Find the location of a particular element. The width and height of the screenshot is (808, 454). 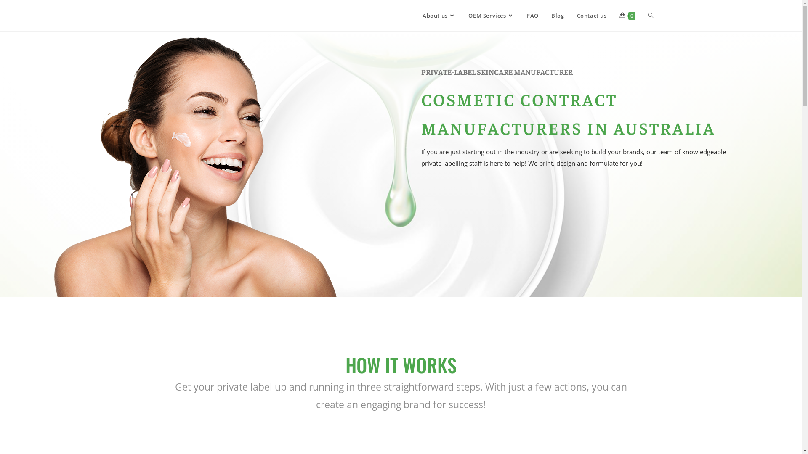

'OEM Services' is located at coordinates (491, 16).